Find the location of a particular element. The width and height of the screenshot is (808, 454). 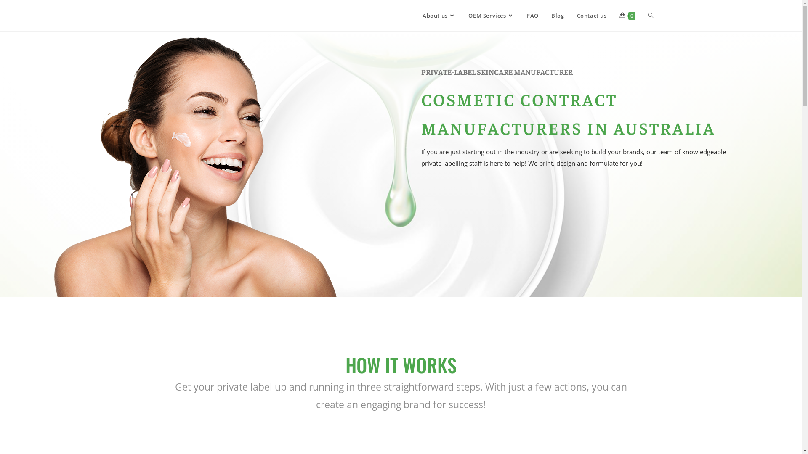

'OEM Services' is located at coordinates (491, 16).